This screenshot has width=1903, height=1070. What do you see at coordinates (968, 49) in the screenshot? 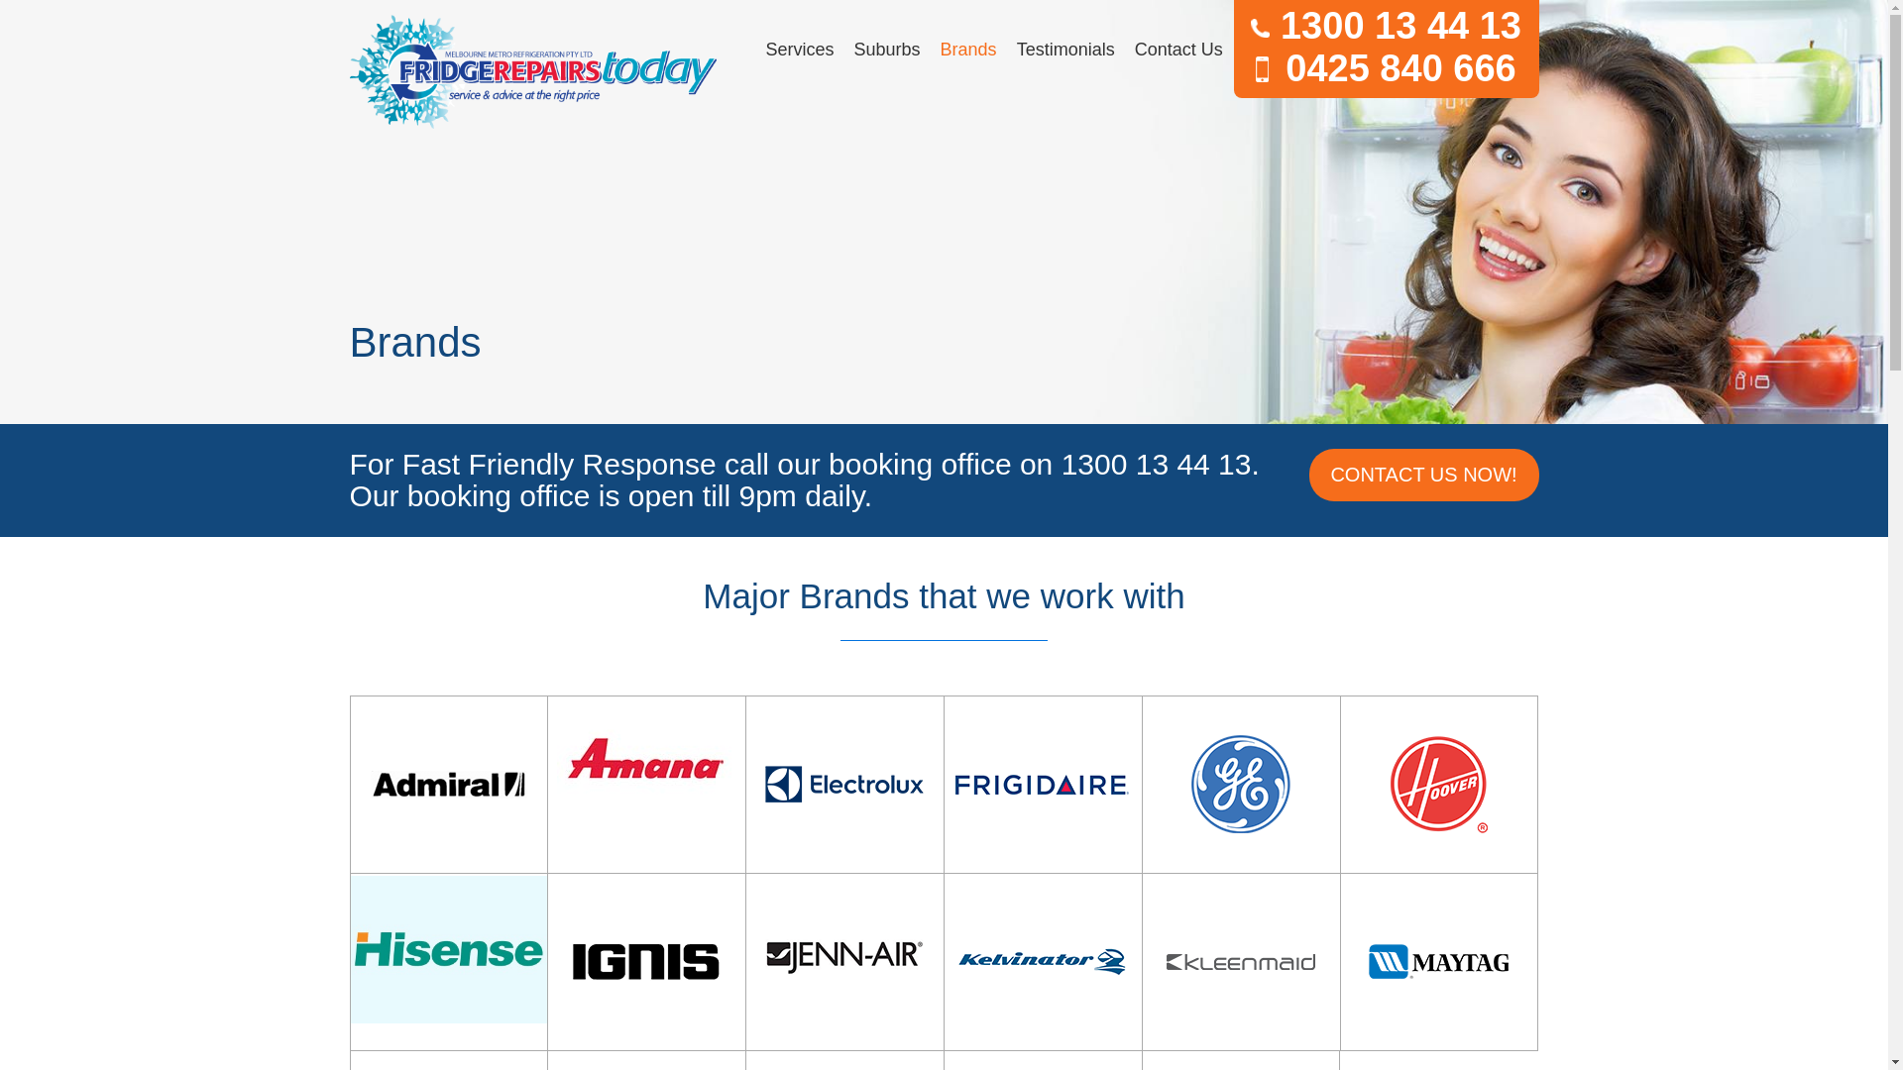
I see `'Brands'` at bounding box center [968, 49].